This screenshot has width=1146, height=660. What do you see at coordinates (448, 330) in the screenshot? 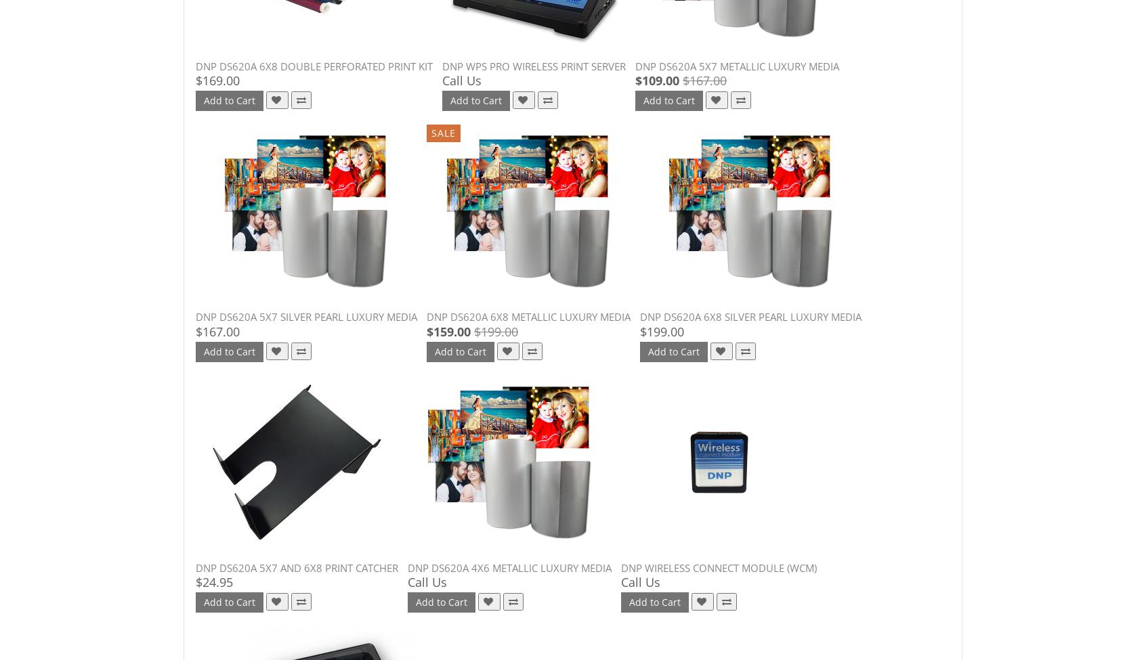
I see `'$159.00'` at bounding box center [448, 330].